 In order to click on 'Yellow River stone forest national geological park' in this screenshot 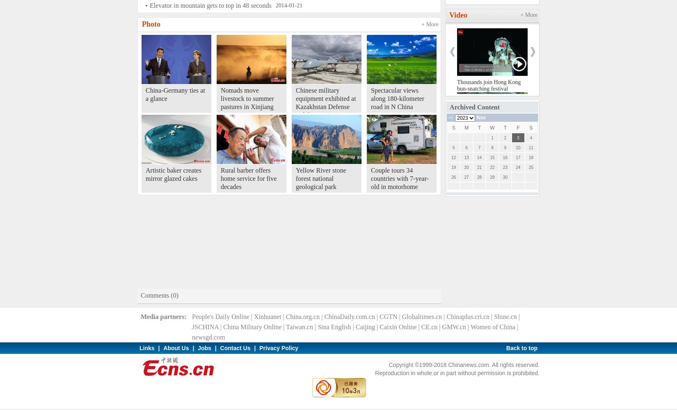, I will do `click(320, 178)`.